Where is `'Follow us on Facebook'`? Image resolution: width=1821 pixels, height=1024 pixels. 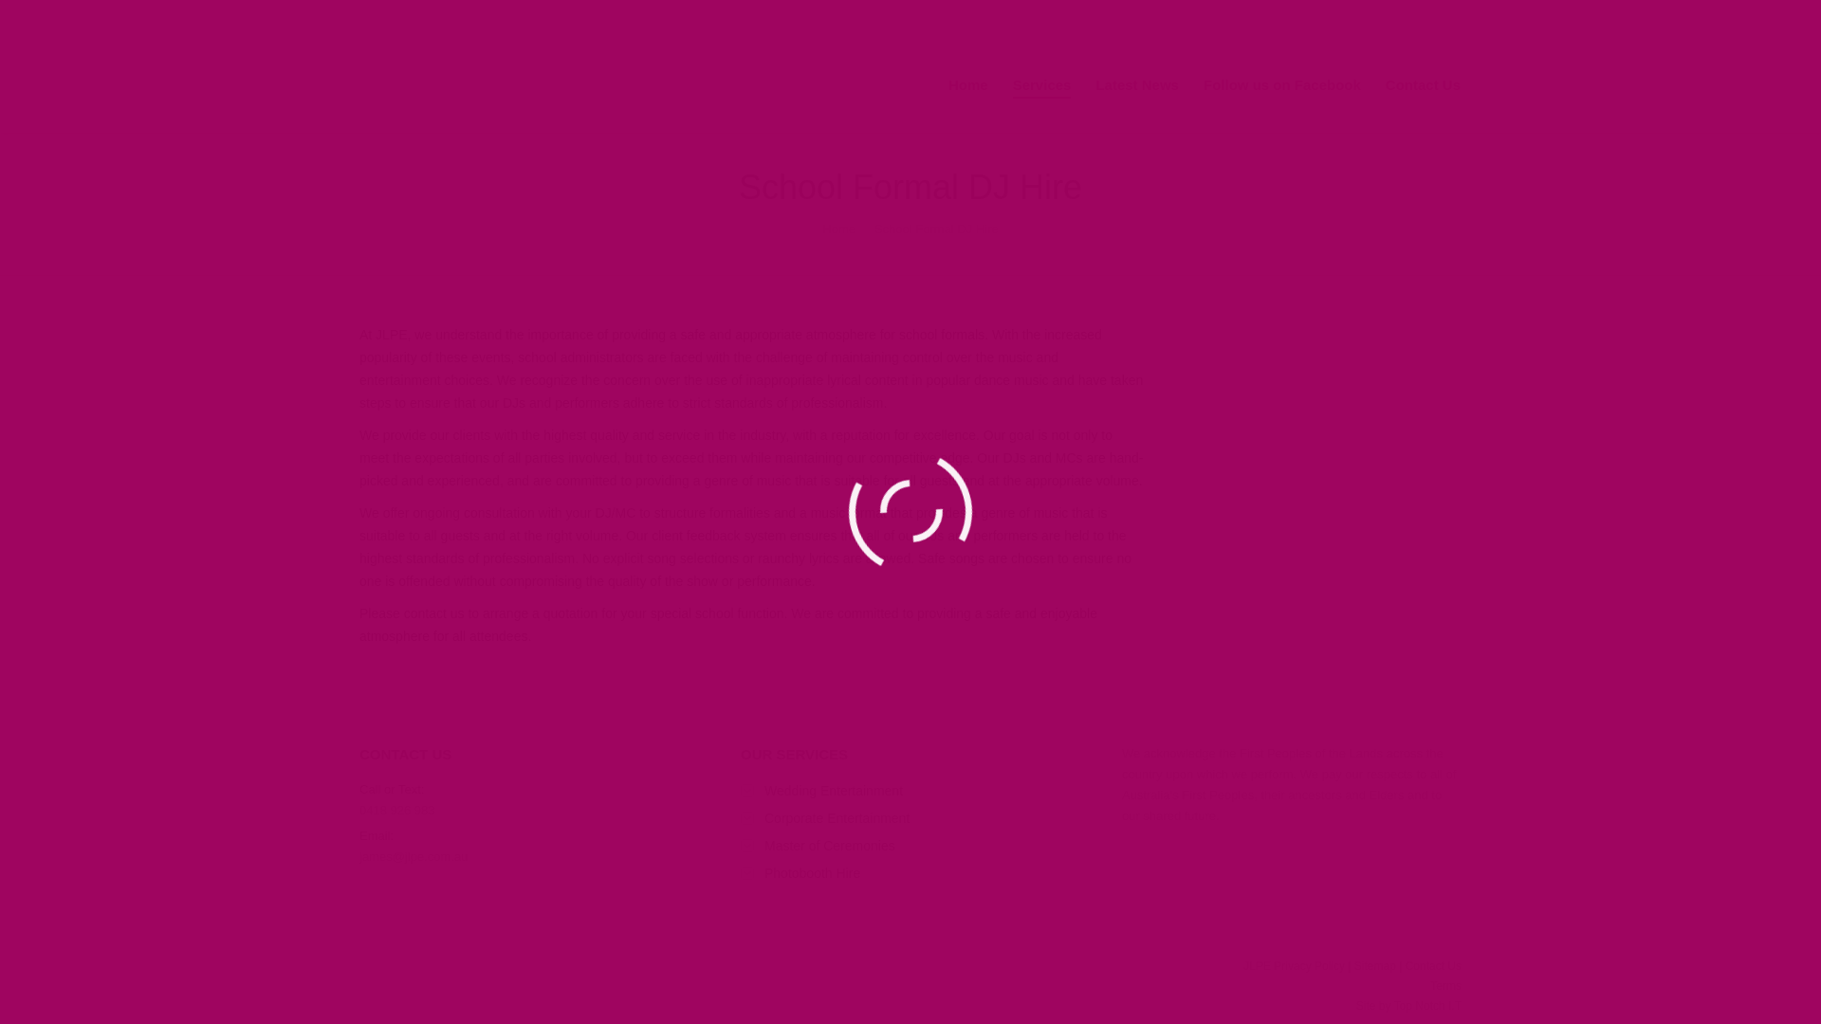
'Follow us on Facebook' is located at coordinates (1201, 85).